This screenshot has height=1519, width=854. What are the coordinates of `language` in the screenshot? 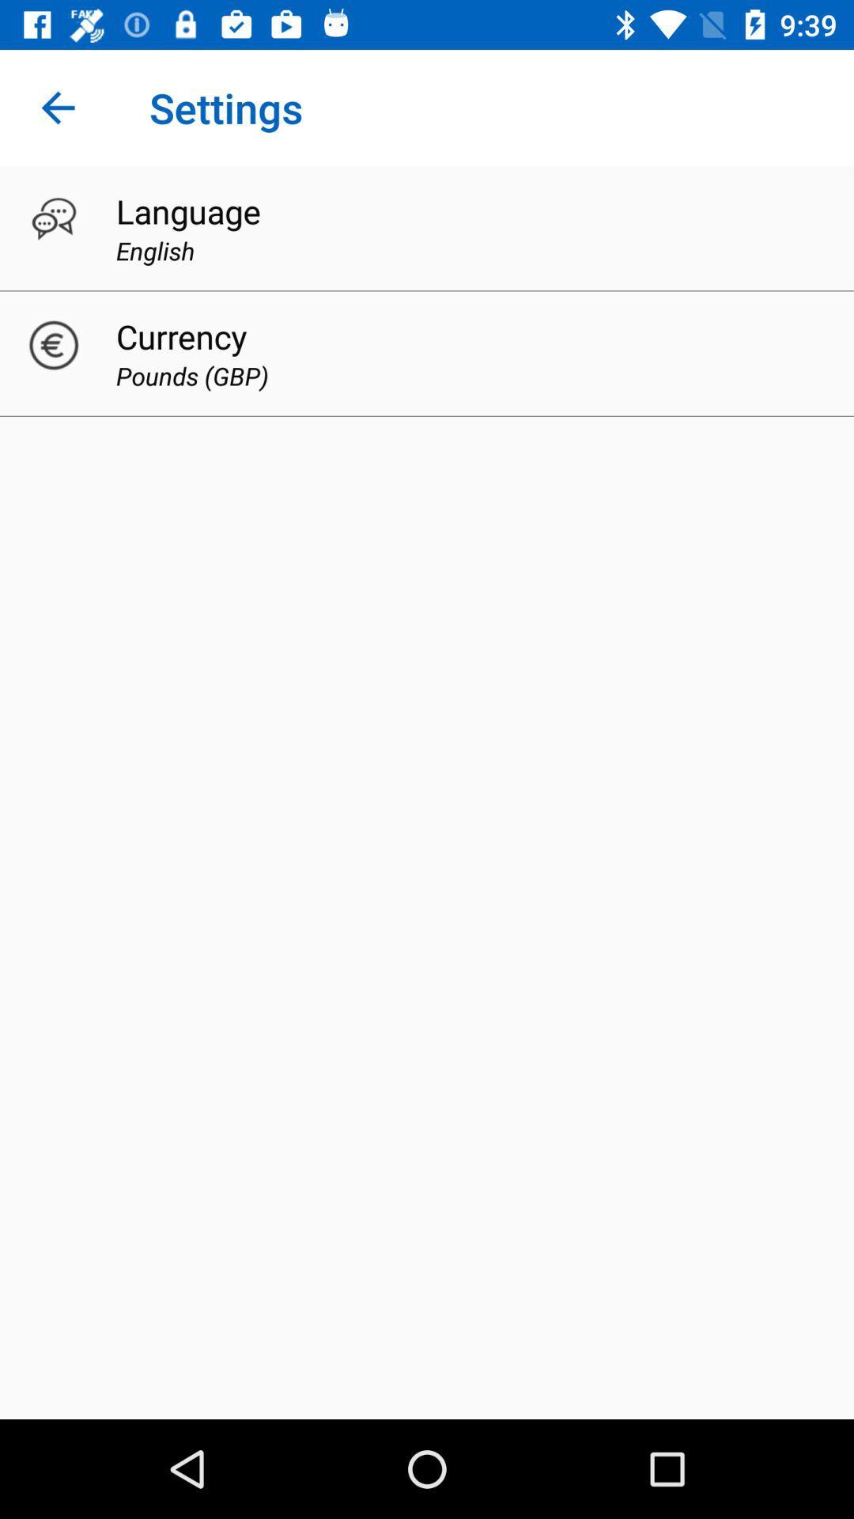 It's located at (187, 210).